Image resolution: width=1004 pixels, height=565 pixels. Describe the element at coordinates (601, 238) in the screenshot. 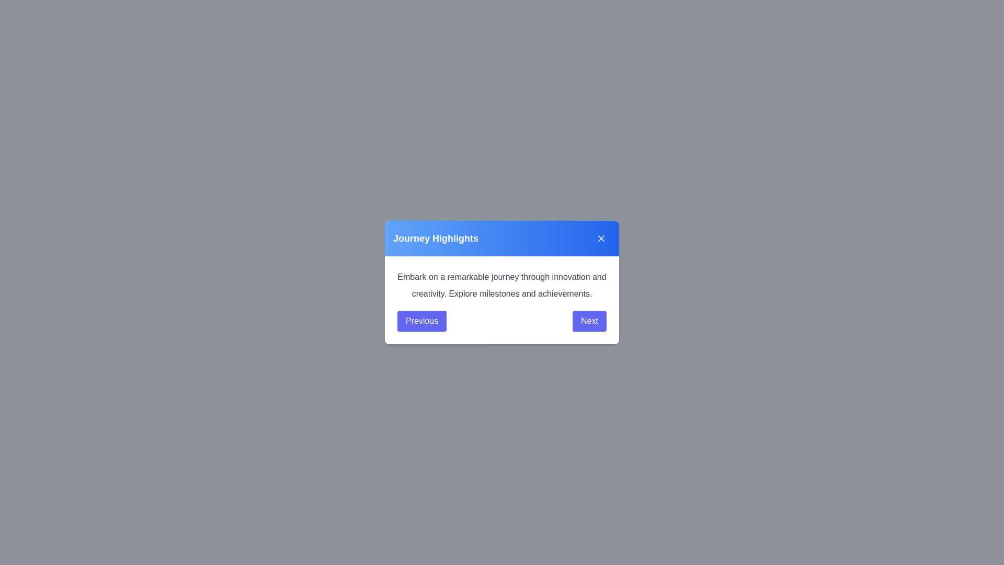

I see `the circular button with an 'X' icon in the top-right corner of the modal header` at that location.